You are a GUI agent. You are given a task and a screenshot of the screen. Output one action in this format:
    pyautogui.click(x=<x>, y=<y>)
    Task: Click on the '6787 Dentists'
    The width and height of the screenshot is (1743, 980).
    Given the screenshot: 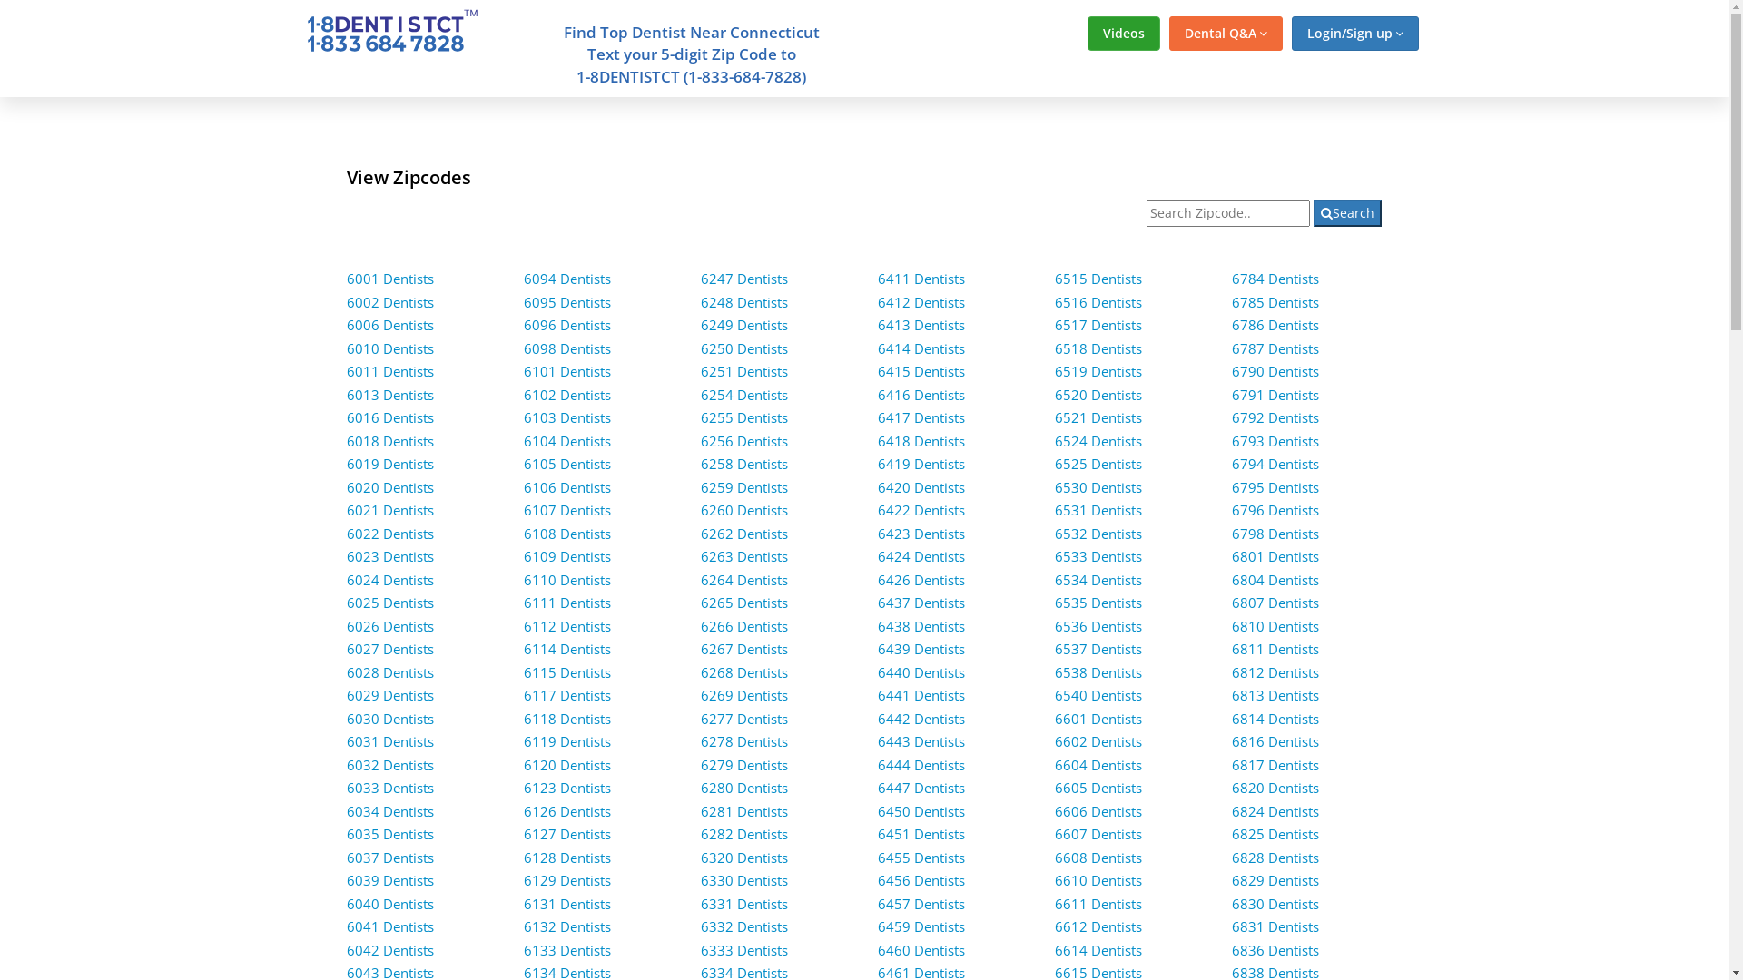 What is the action you would take?
    pyautogui.click(x=1275, y=348)
    